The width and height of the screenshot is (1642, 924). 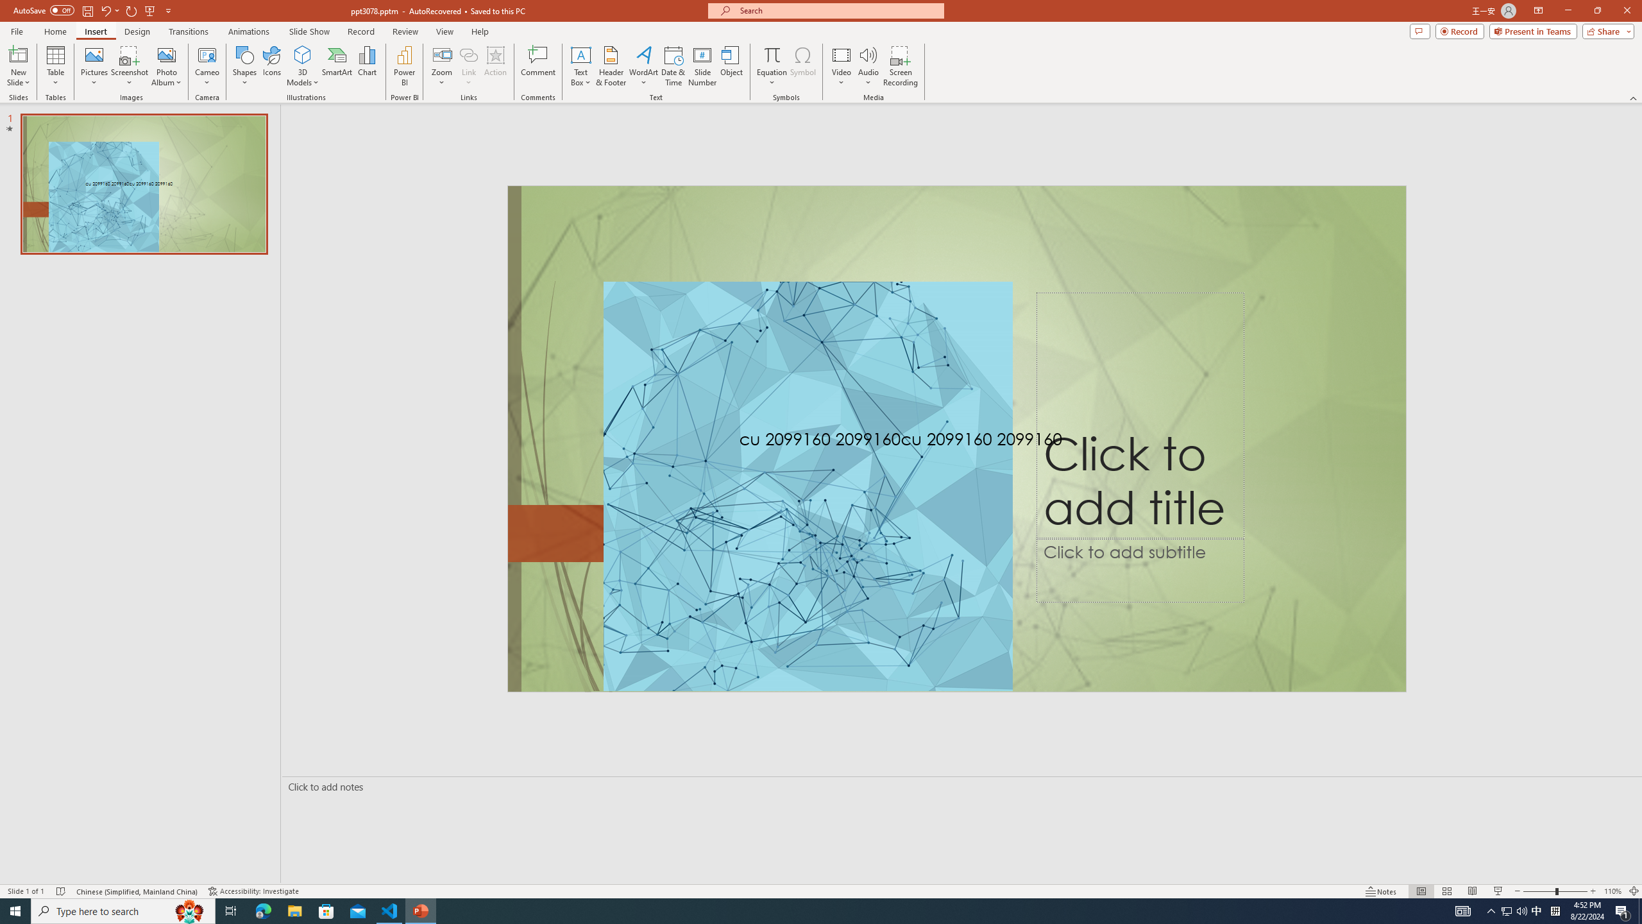 I want to click on 'Pictures', so click(x=94, y=66).